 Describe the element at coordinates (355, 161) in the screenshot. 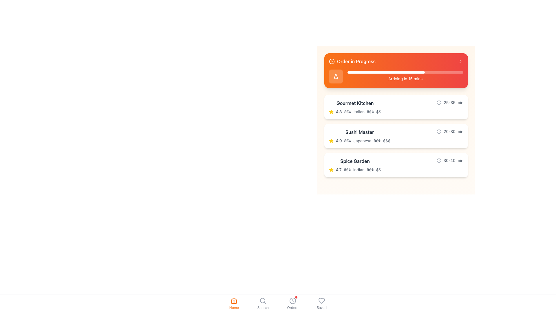

I see `title of the restaurant displayed in the text label within the 'Spice Garden' card` at that location.